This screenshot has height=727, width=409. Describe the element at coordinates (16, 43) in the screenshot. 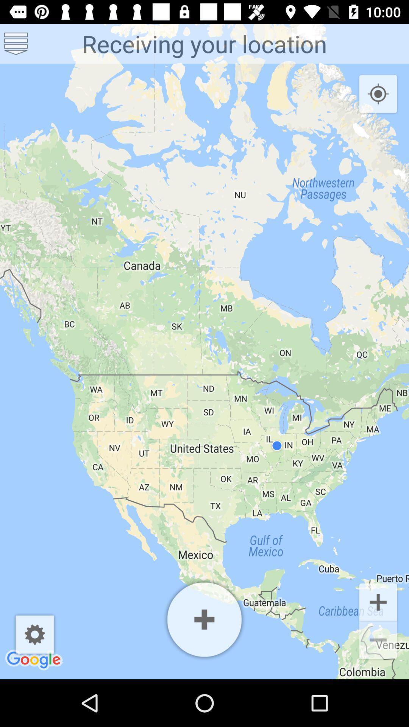

I see `the icon at the top left corner` at that location.